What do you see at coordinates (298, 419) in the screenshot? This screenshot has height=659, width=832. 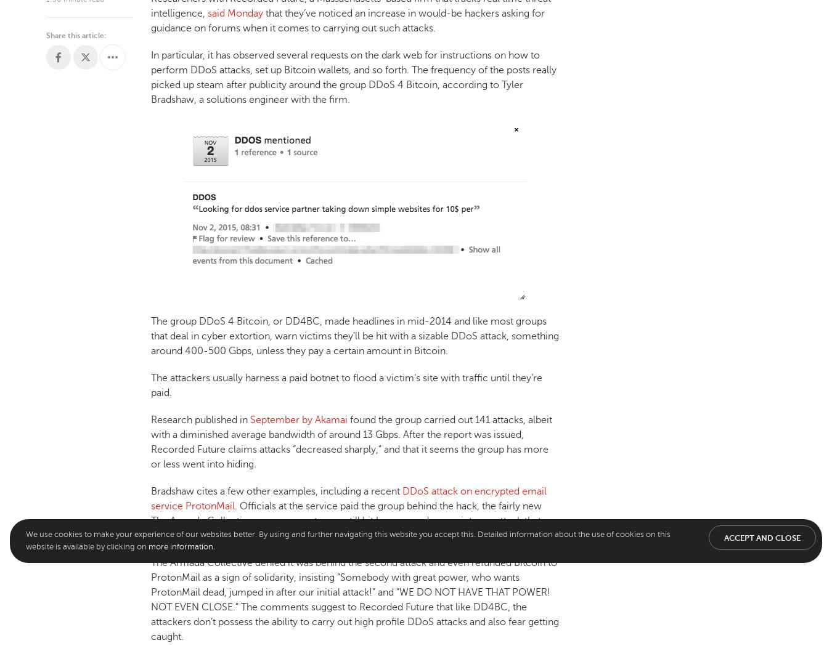 I see `'September by Akamai'` at bounding box center [298, 419].